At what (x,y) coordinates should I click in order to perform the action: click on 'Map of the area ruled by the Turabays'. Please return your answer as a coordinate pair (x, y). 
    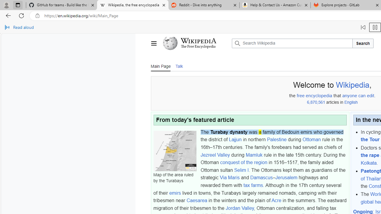
    Looking at the image, I should click on (174, 150).